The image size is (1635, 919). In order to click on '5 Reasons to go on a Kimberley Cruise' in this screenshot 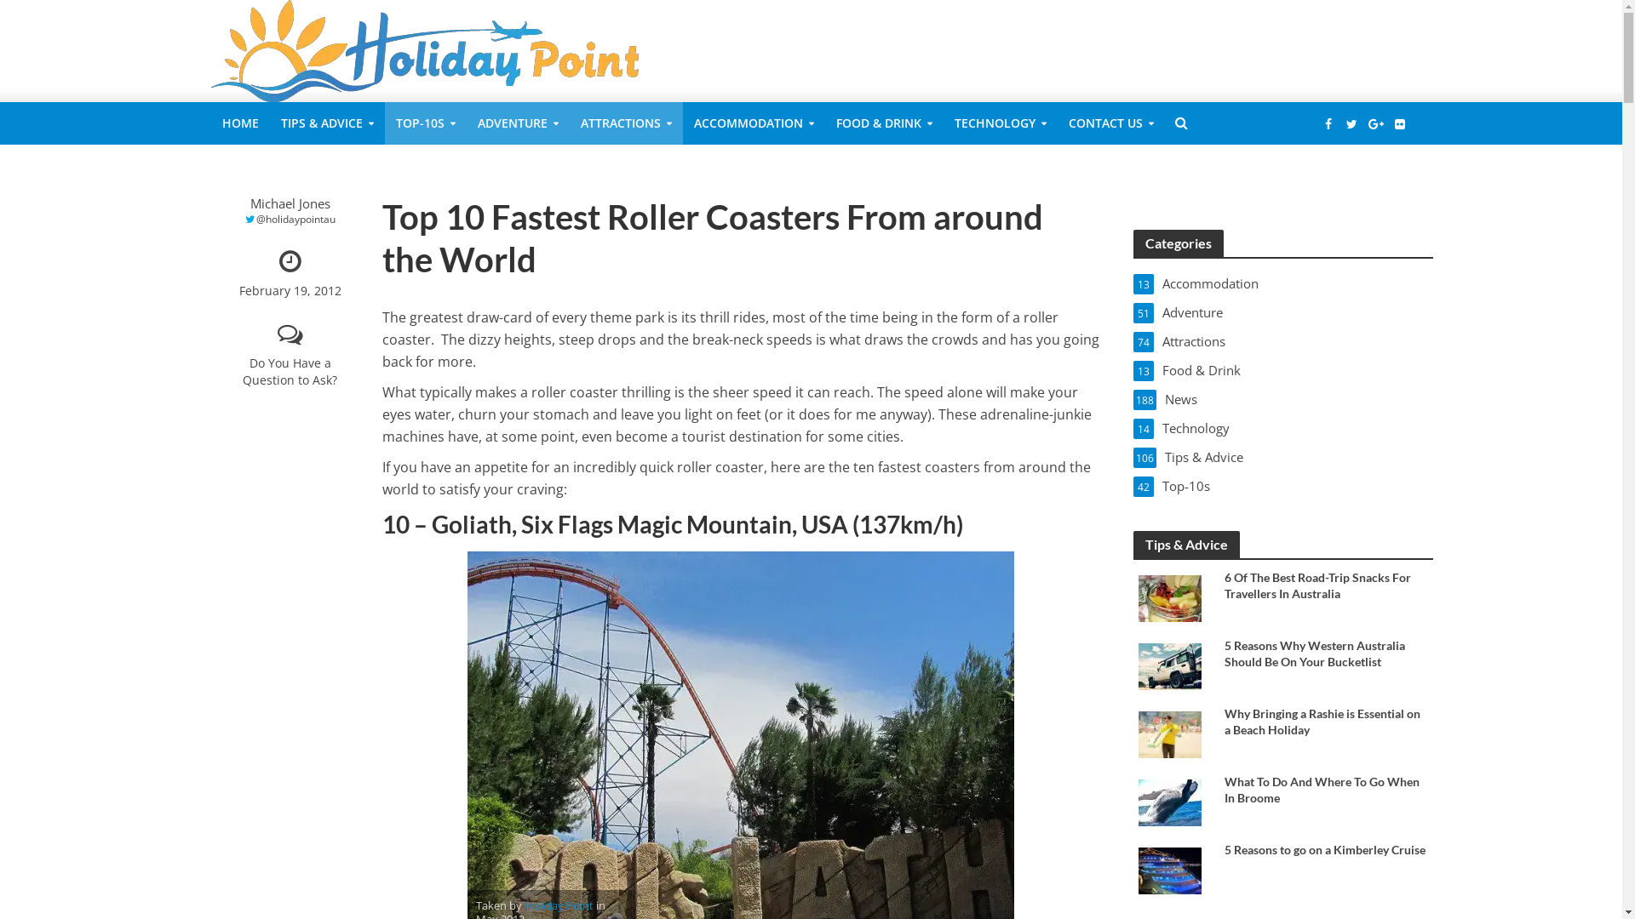, I will do `click(1168, 870)`.